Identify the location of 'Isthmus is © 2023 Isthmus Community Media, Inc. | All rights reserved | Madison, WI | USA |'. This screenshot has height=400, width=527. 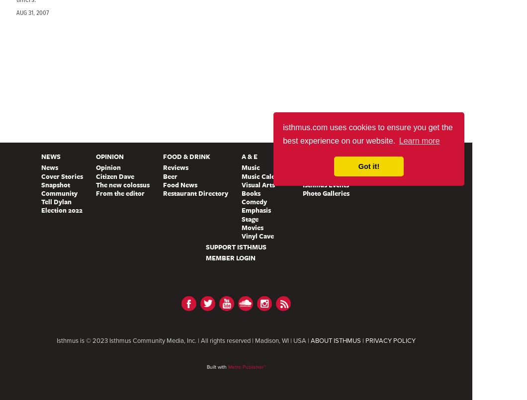
(183, 340).